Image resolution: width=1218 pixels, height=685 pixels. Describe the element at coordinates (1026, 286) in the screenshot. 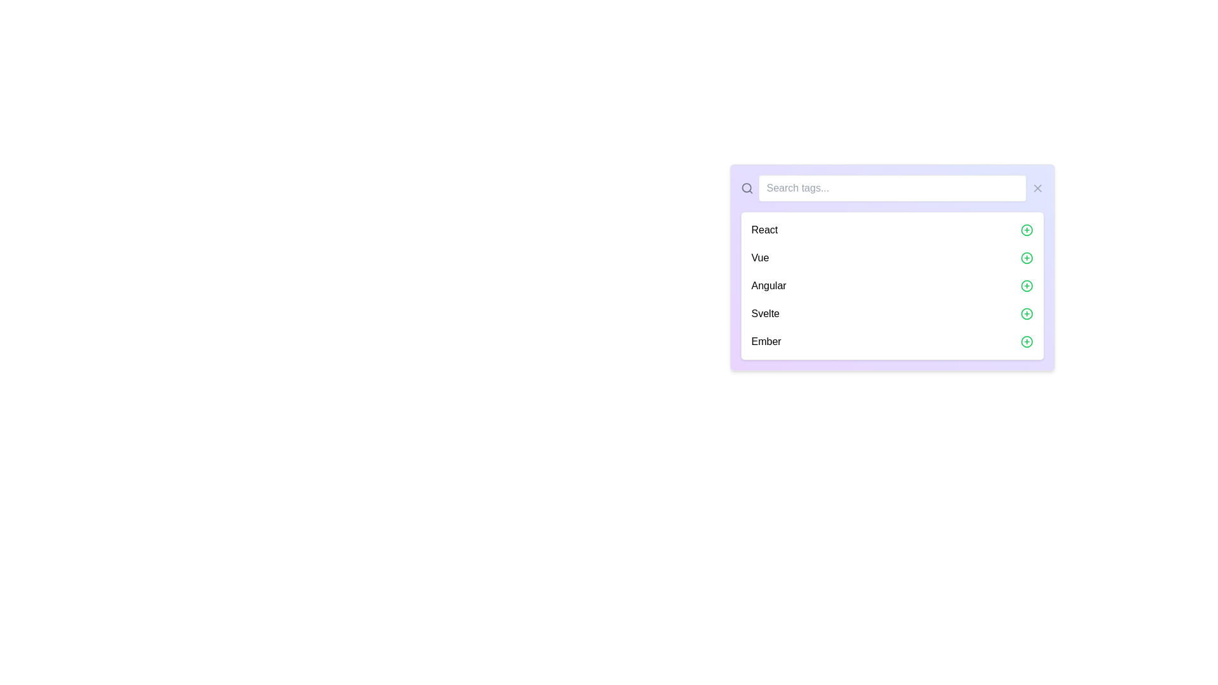

I see `the green circular button/icon with a white plus symbol located to the right of the 'Angular' list item, which is the third entry in the vertical list` at that location.